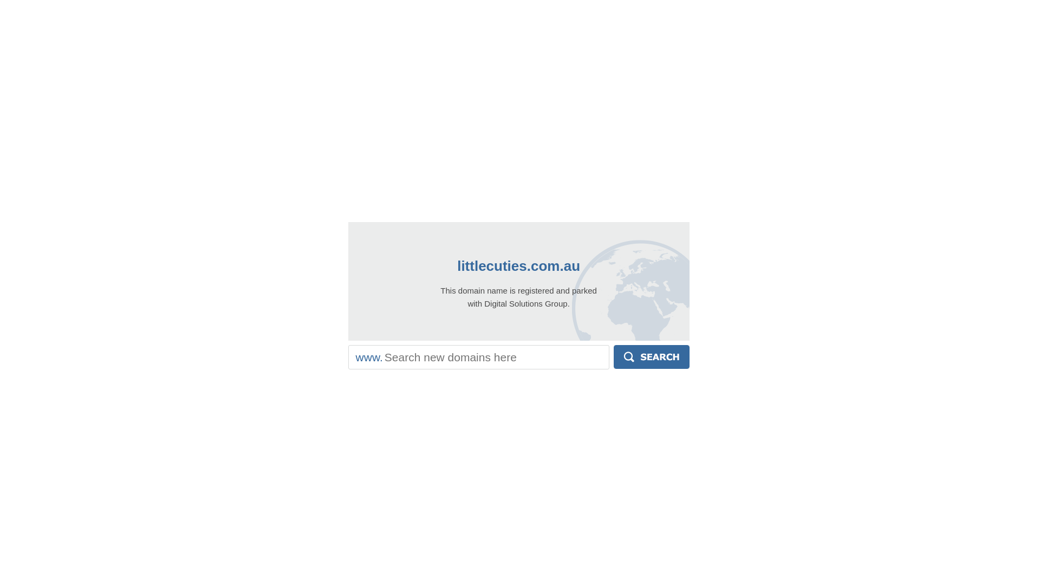  Describe the element at coordinates (651, 357) in the screenshot. I see `'Search'` at that location.